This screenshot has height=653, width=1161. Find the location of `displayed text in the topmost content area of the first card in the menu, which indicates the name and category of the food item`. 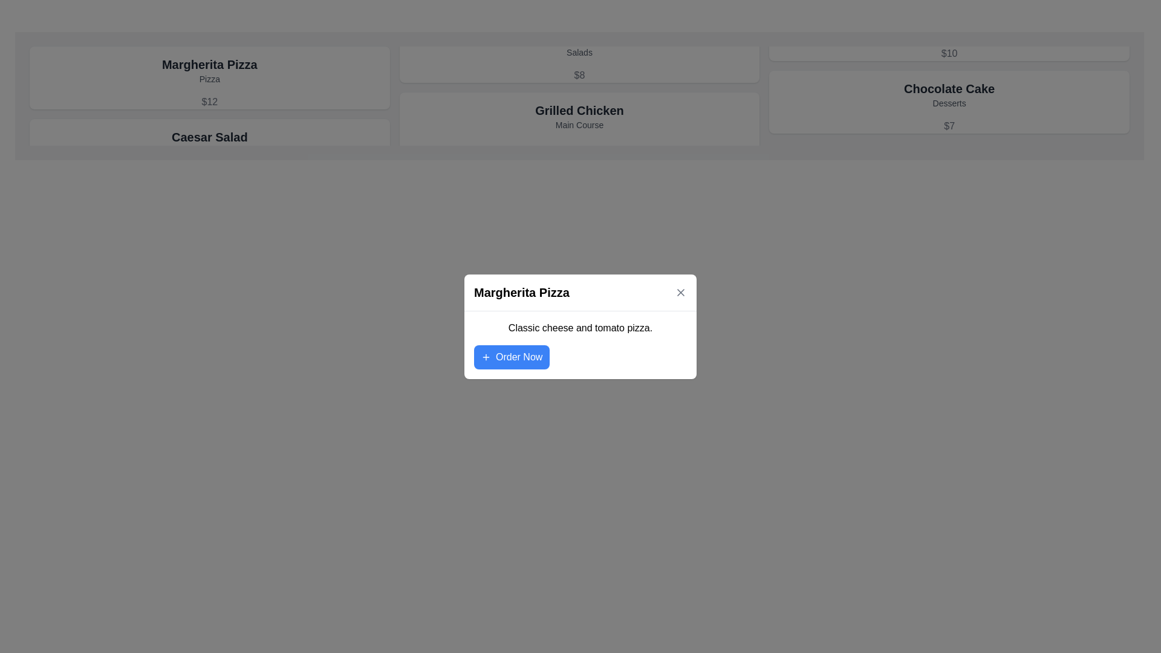

displayed text in the topmost content area of the first card in the menu, which indicates the name and category of the food item is located at coordinates (209, 70).